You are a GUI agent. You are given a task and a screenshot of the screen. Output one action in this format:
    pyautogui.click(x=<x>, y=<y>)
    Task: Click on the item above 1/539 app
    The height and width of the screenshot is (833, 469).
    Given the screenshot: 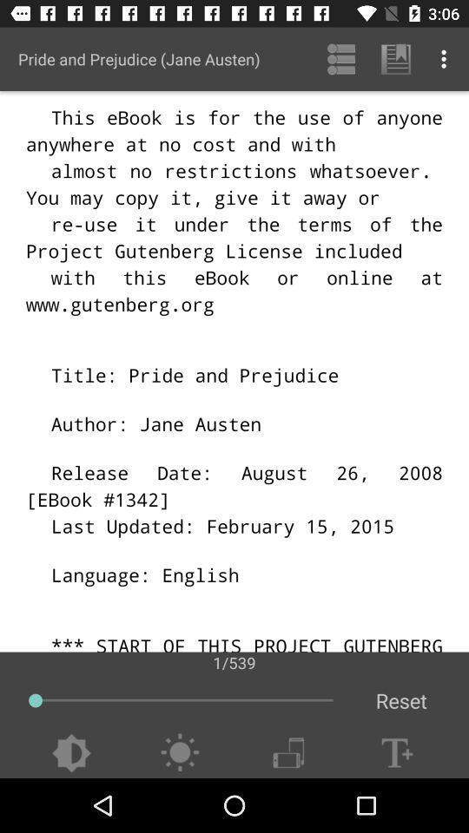 What is the action you would take?
    pyautogui.click(x=446, y=59)
    